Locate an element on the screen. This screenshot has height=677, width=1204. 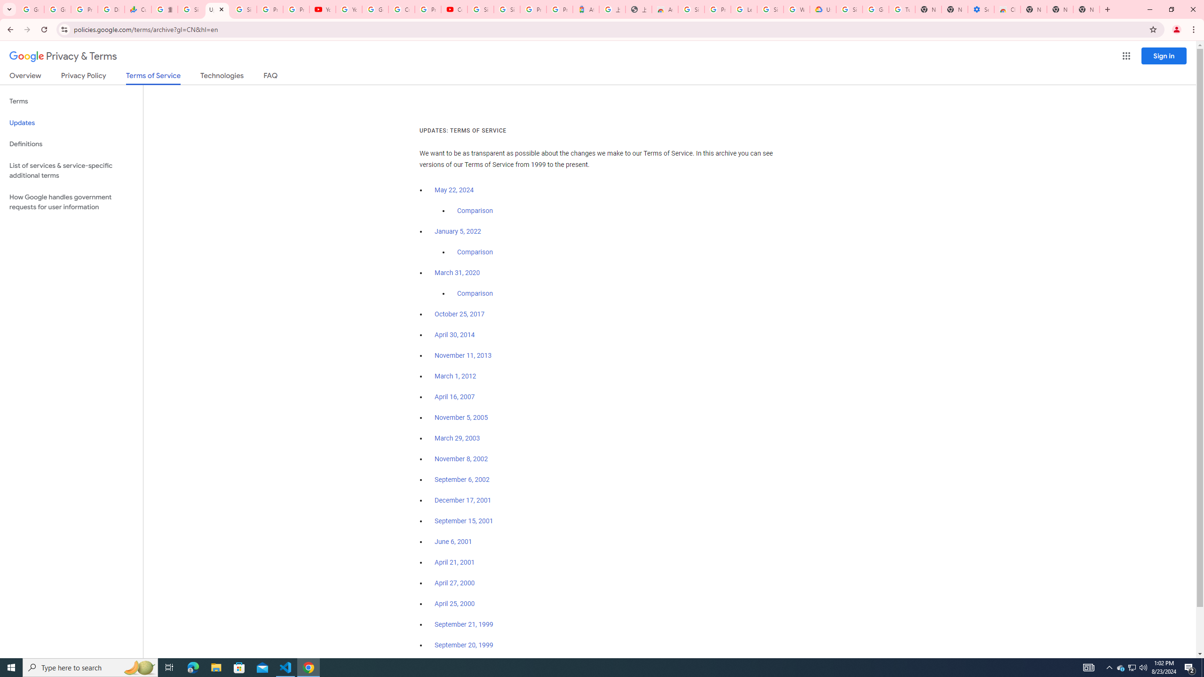
'How Google handles government requests for user information' is located at coordinates (71, 201).